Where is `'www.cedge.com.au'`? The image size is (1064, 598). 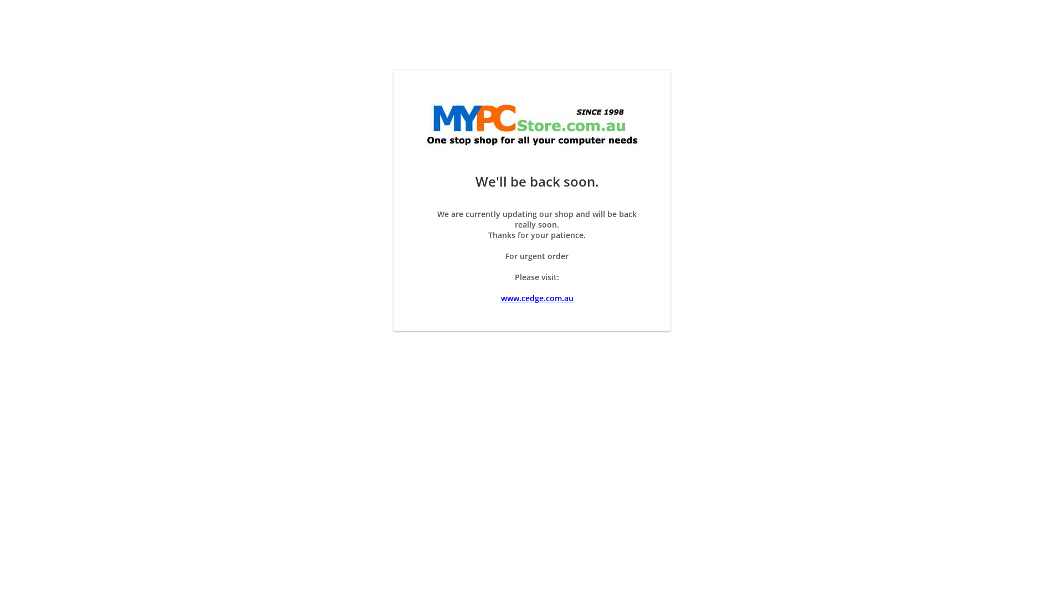
'www.cedge.com.au' is located at coordinates (537, 297).